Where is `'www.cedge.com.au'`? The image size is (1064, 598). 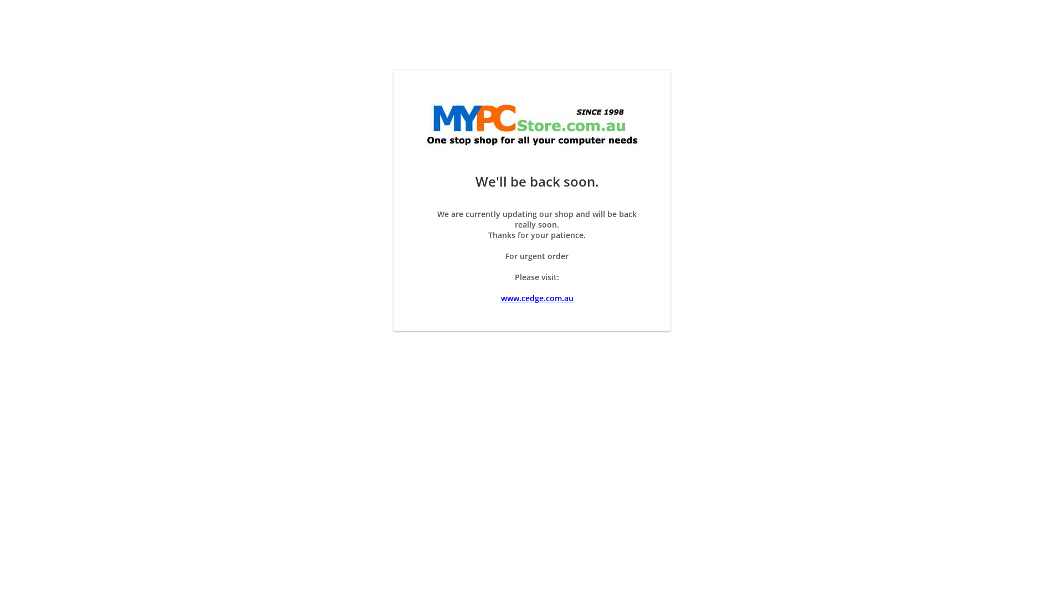
'www.cedge.com.au' is located at coordinates (537, 297).